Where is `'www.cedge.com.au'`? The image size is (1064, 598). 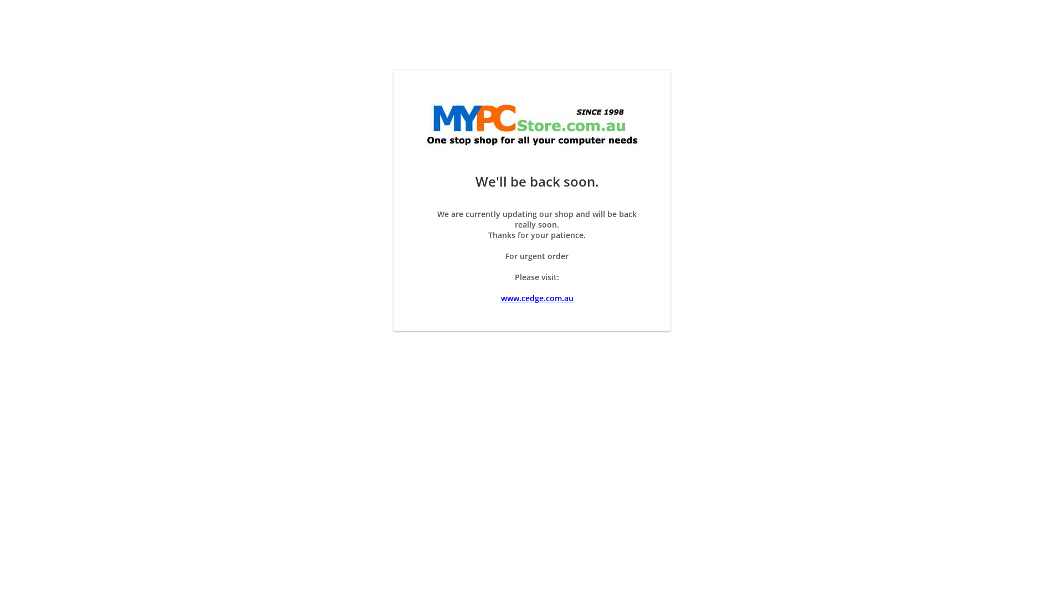
'www.cedge.com.au' is located at coordinates (537, 297).